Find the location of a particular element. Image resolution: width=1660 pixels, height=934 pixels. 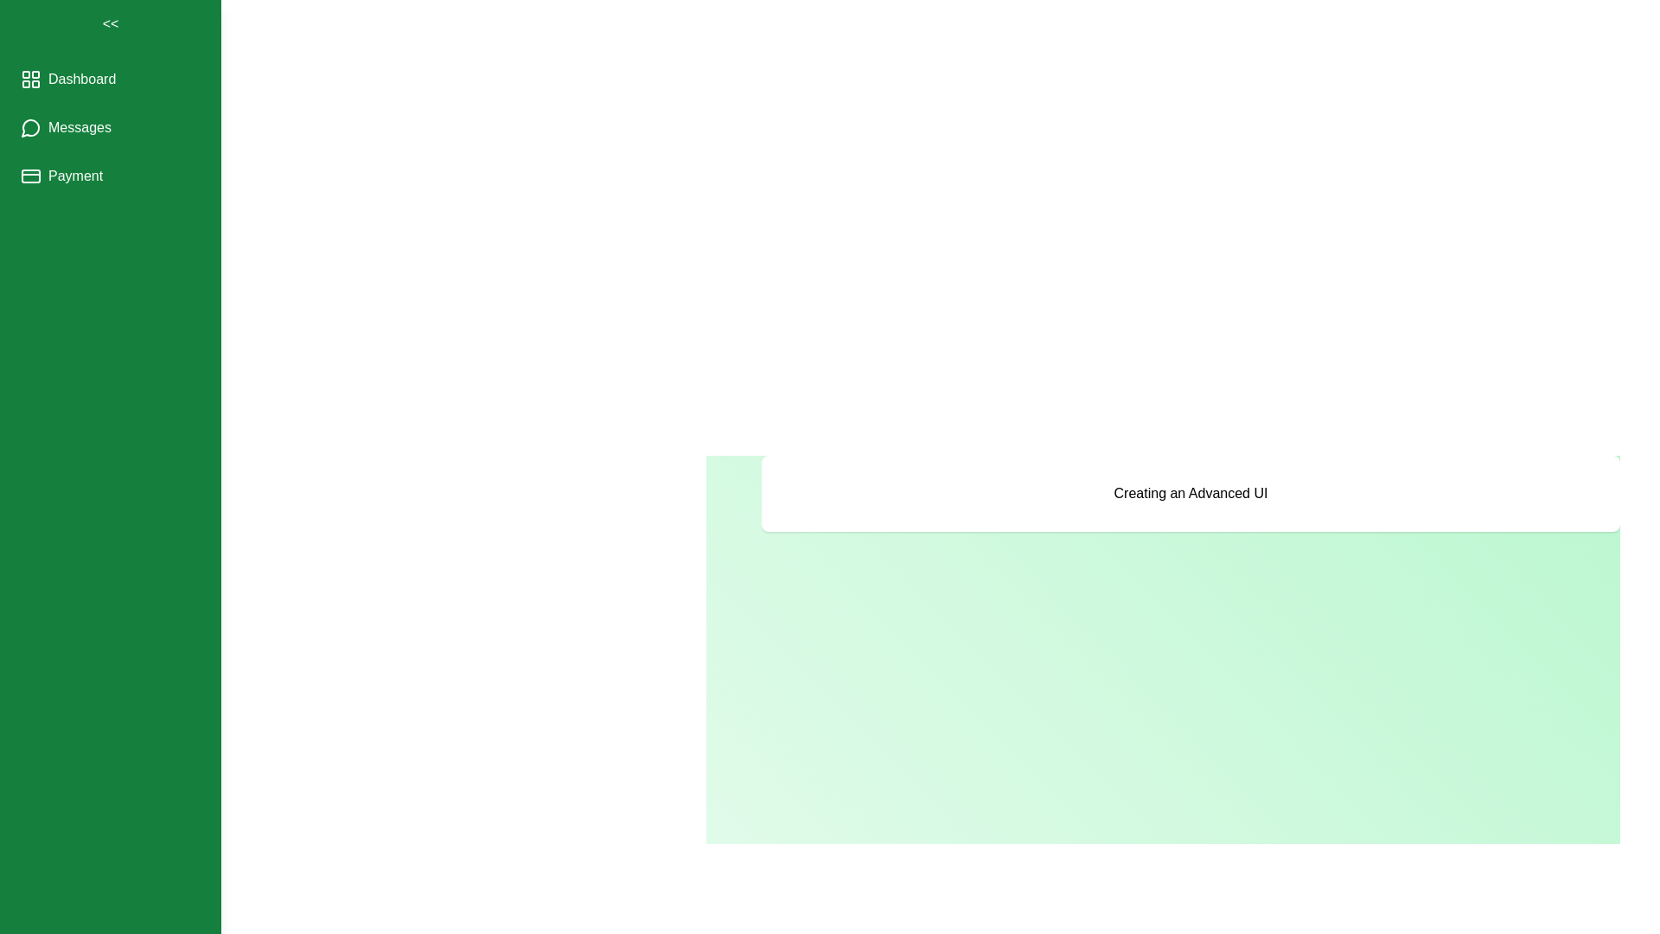

the circular message icon outlined in white against a green background, which is positioned to the left of the 'Messages' label in the vertical navigation panel is located at coordinates (30, 126).